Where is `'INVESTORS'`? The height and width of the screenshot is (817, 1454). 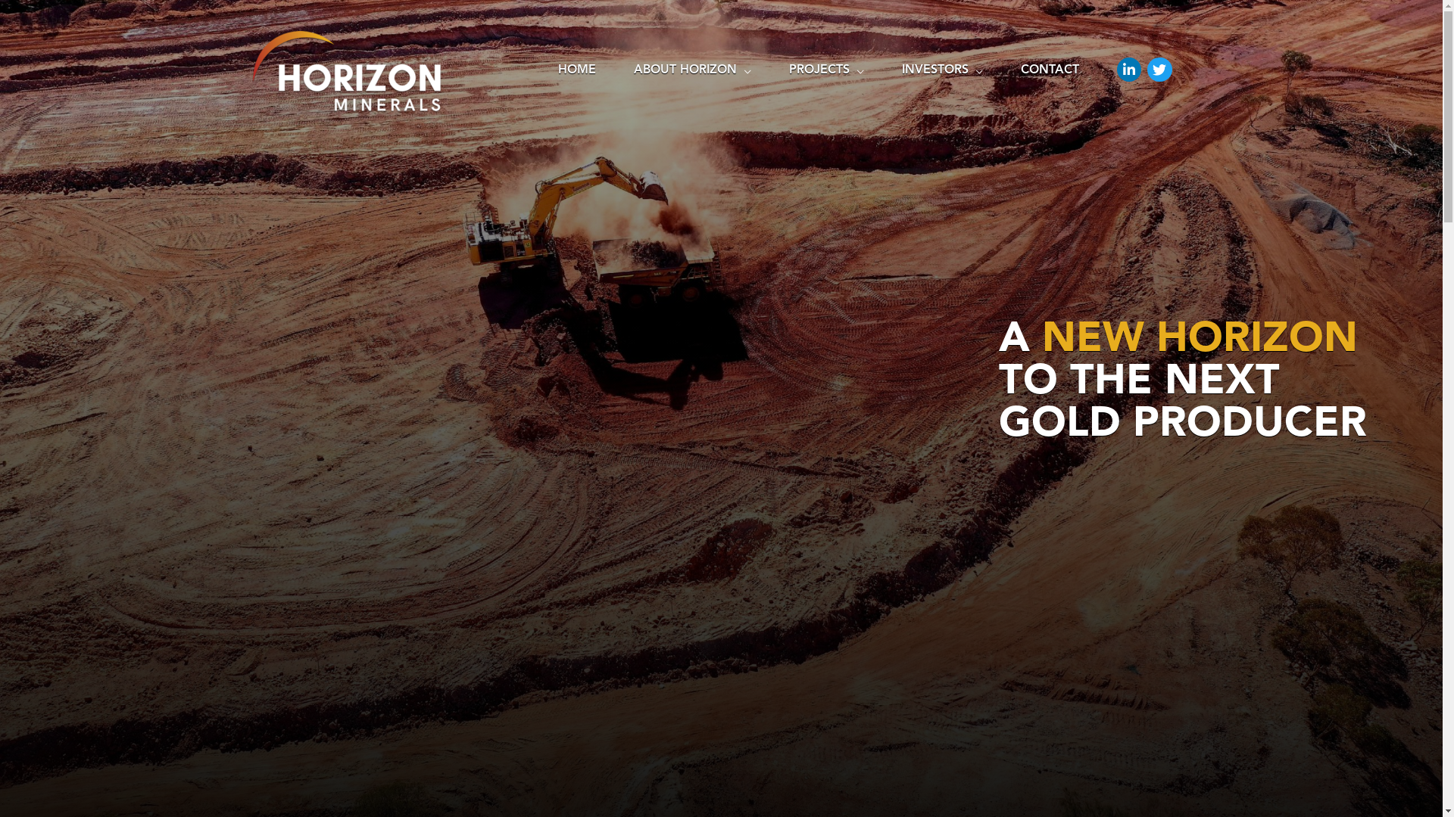 'INVESTORS' is located at coordinates (941, 72).